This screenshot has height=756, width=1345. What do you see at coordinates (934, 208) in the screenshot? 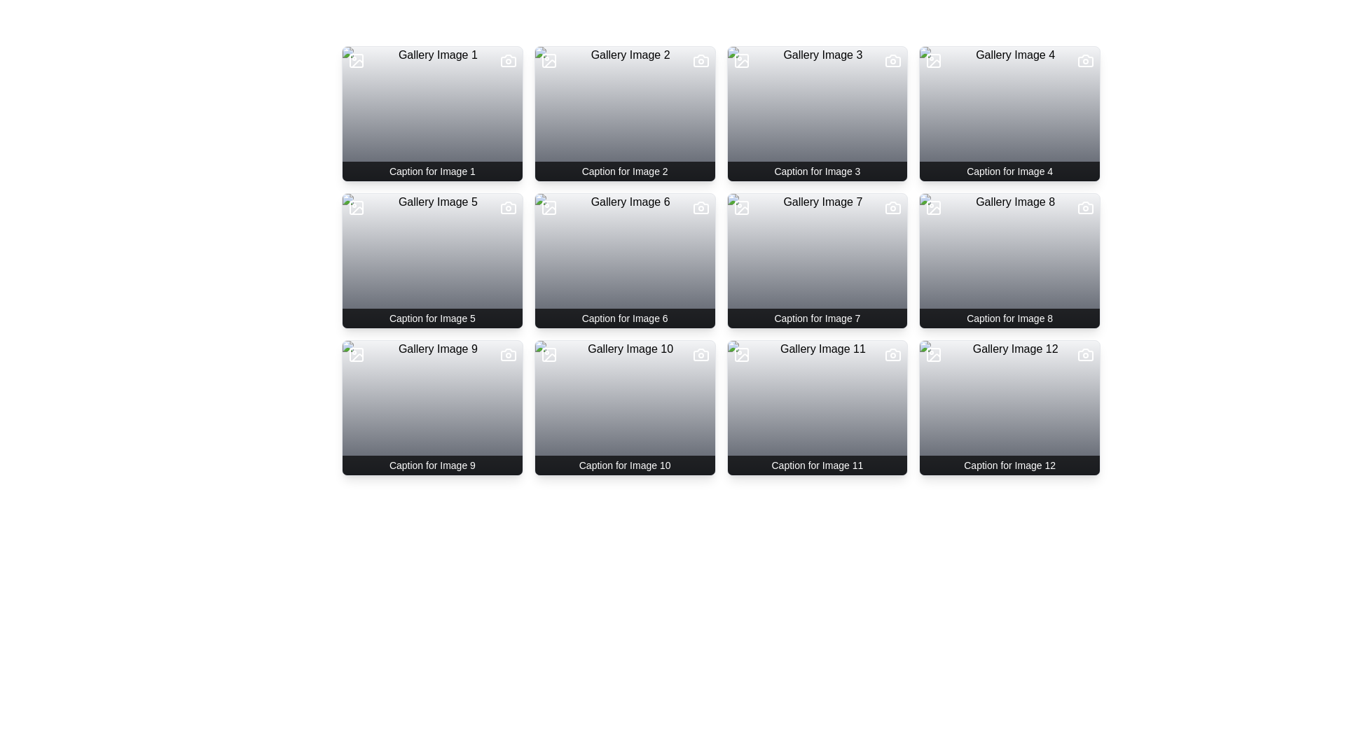
I see `the rounded rectangle SVG graphical element located in the top-left corner of the eighth grid item in the gallery layout` at bounding box center [934, 208].